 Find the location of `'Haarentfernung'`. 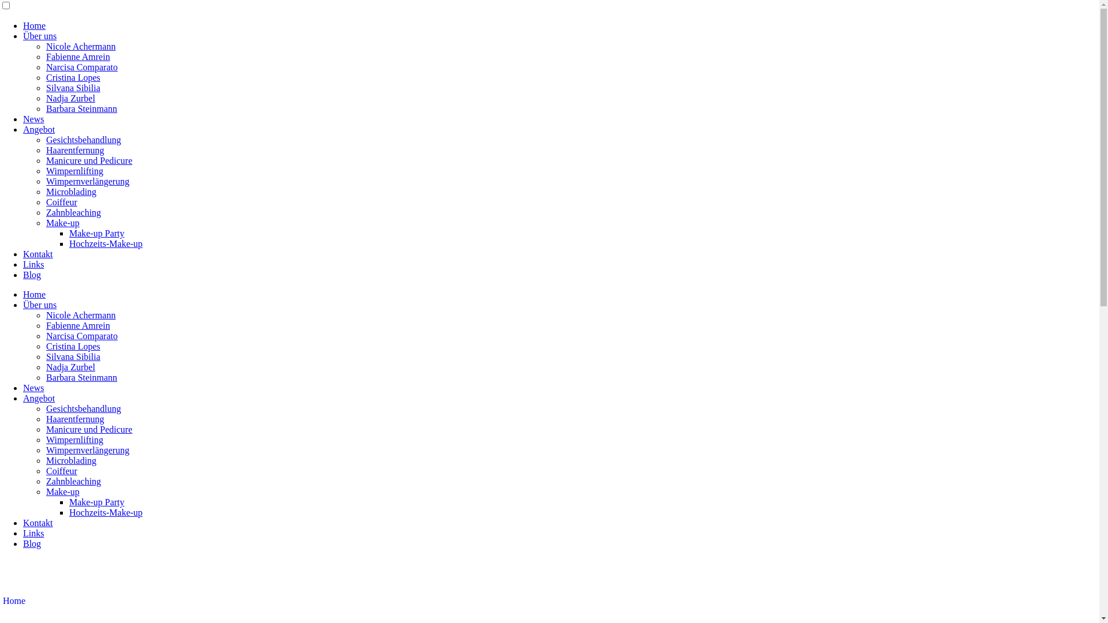

'Haarentfernung' is located at coordinates (74, 419).